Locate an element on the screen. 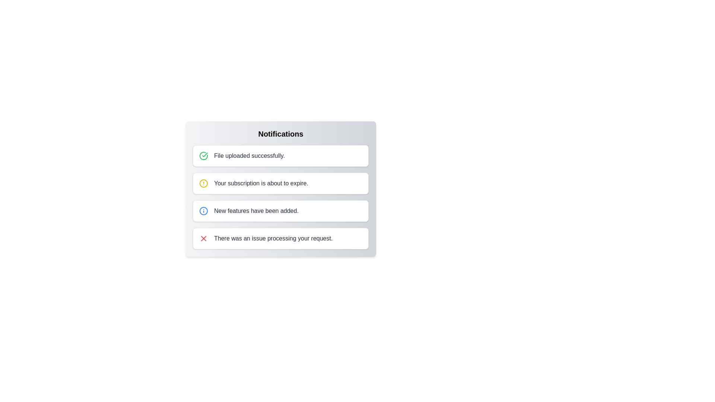 The image size is (715, 402). text content of the notification card that states 'New features have been added.' which is styled with a dark gray color and medium-weight font, located within the Notifications section is located at coordinates (256, 211).